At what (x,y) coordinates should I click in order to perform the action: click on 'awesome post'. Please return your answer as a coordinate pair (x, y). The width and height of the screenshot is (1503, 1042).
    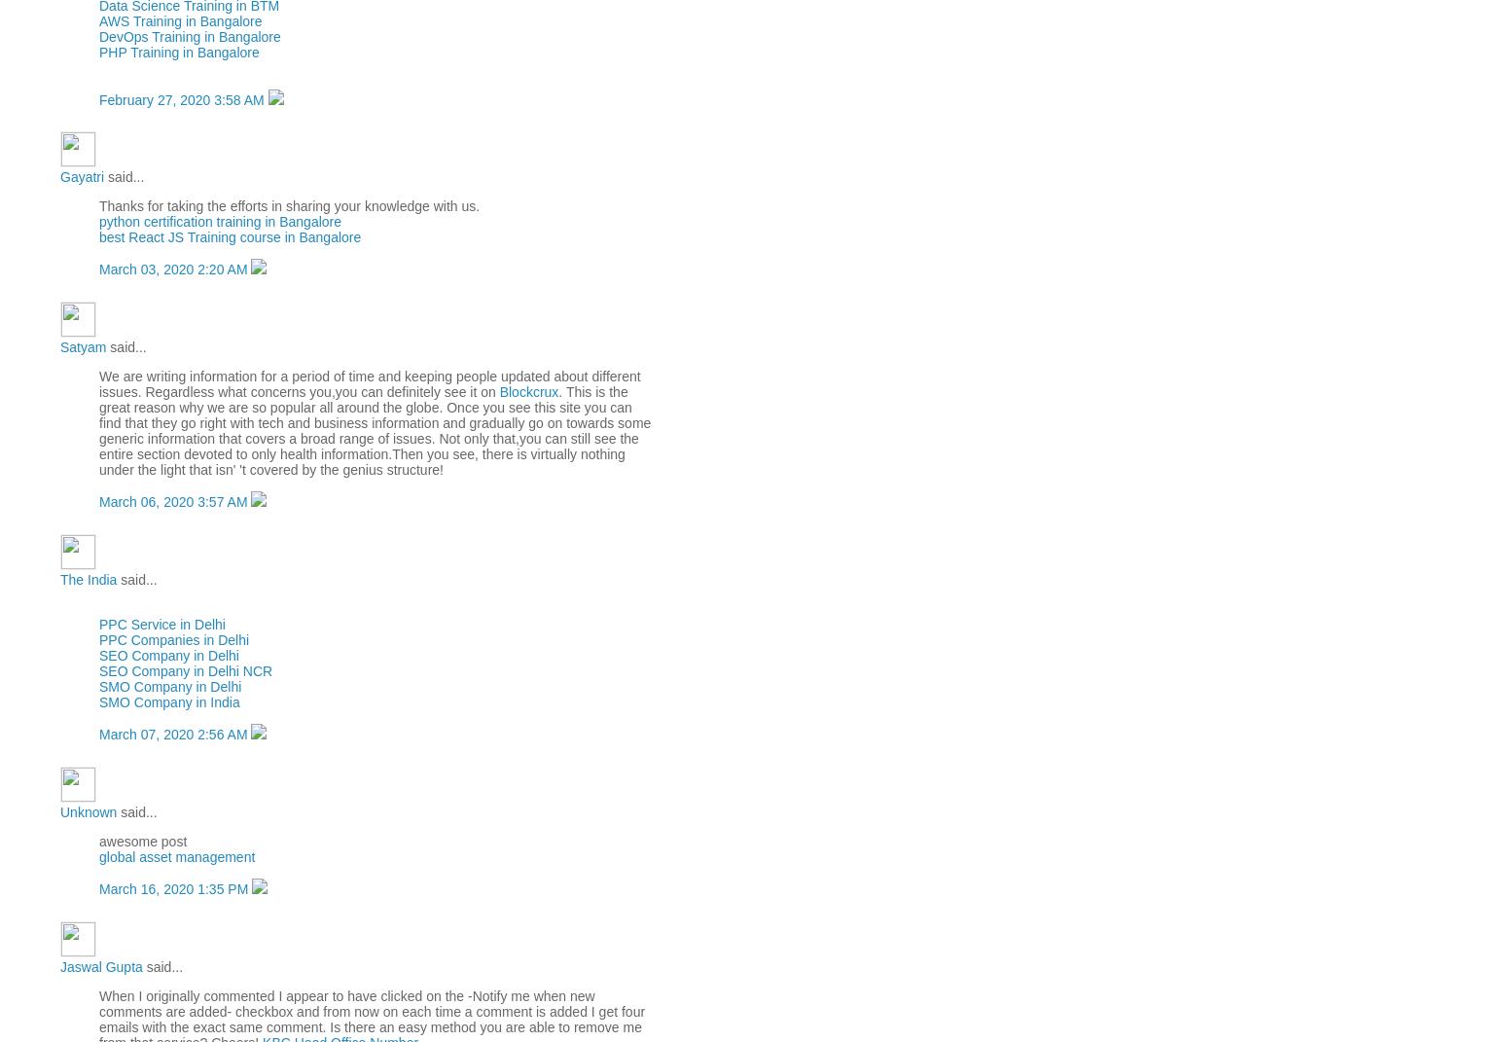
    Looking at the image, I should click on (141, 840).